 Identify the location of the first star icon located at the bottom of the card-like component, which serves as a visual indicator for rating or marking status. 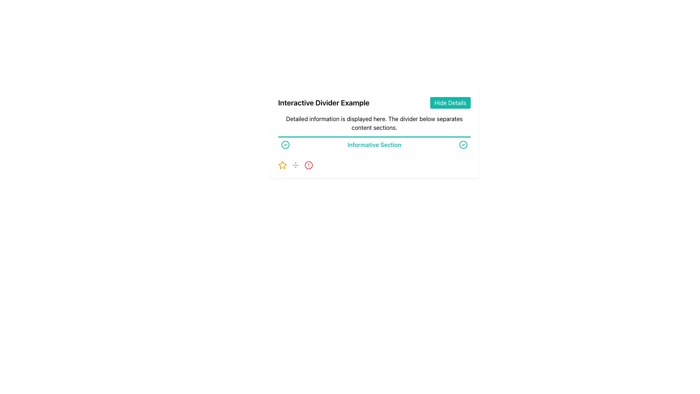
(282, 165).